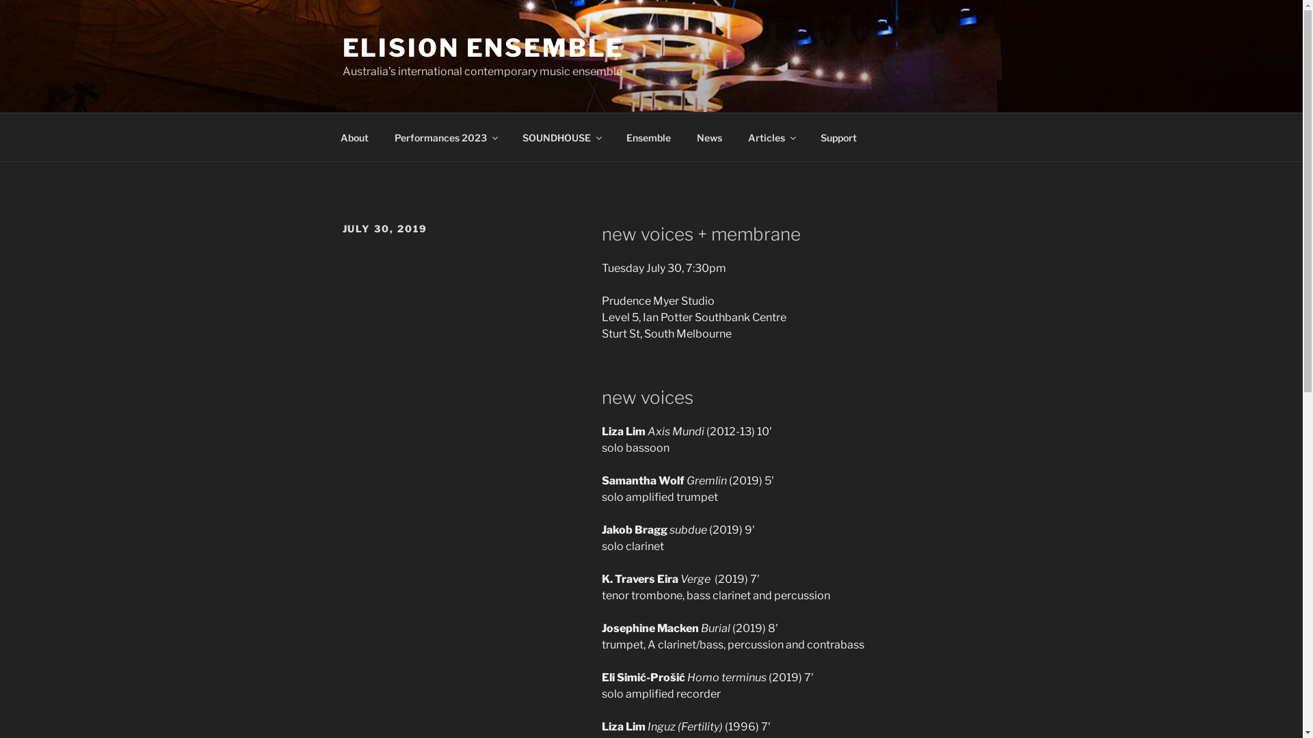  Describe the element at coordinates (482, 46) in the screenshot. I see `'ELISION ENSEMBLE'` at that location.